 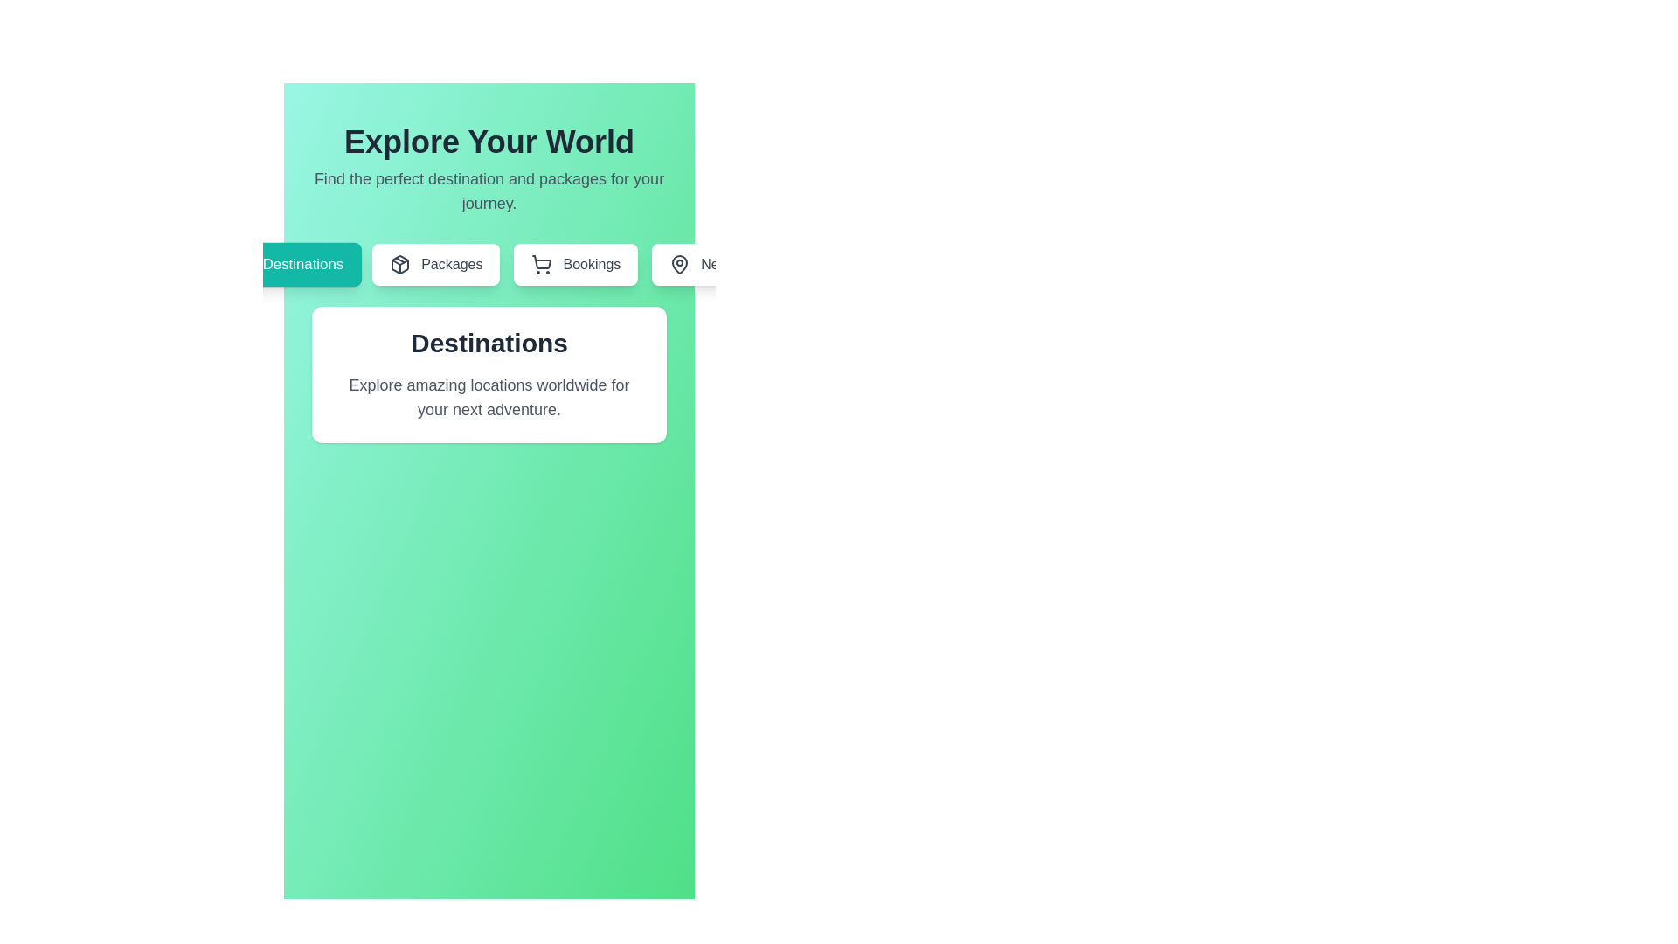 What do you see at coordinates (436, 265) in the screenshot?
I see `the tab button labeled 'Packages' to switch to its corresponding content` at bounding box center [436, 265].